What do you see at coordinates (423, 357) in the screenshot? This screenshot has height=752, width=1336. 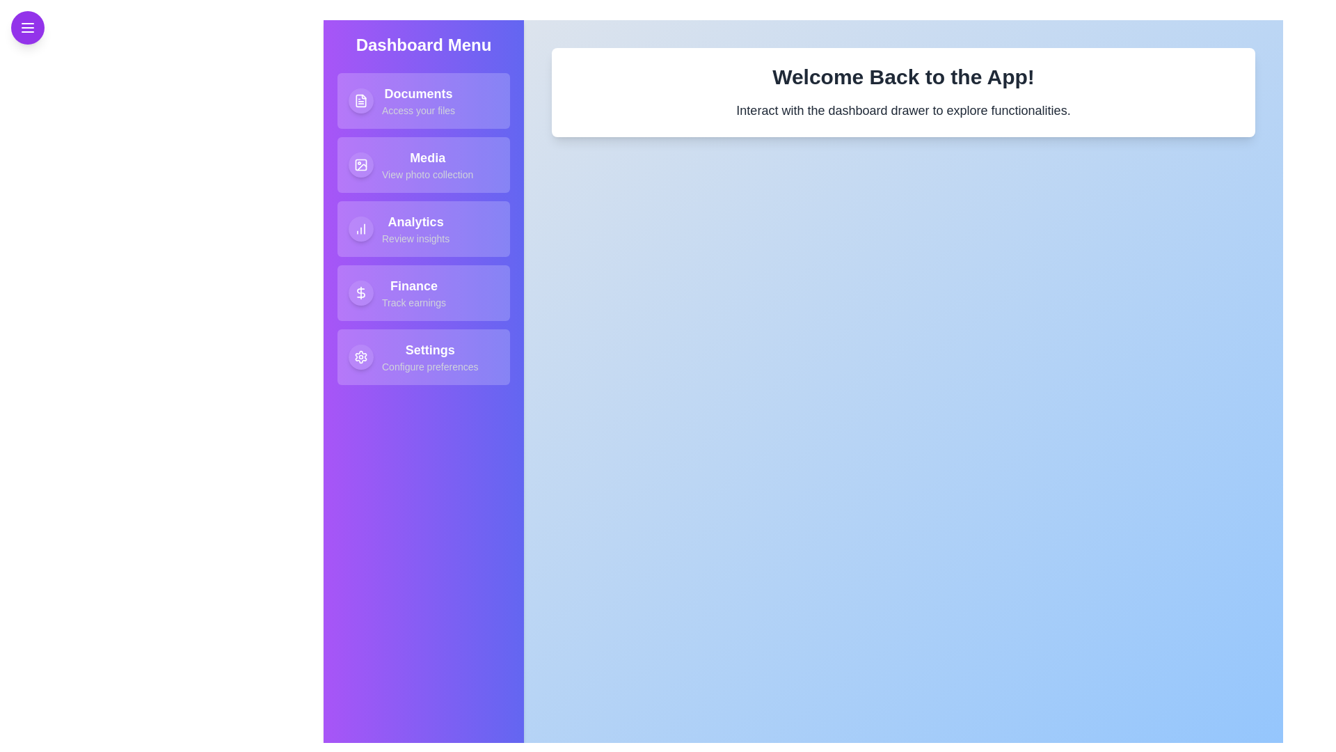 I see `the Settings item in the drawer to access its functionality` at bounding box center [423, 357].